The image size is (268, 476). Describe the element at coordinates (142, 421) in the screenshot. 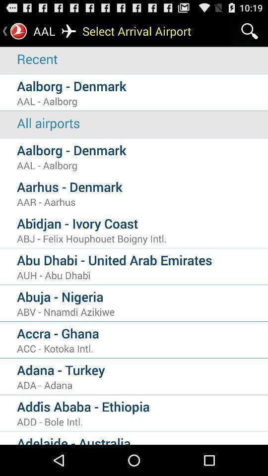

I see `add - bole intl.` at that location.